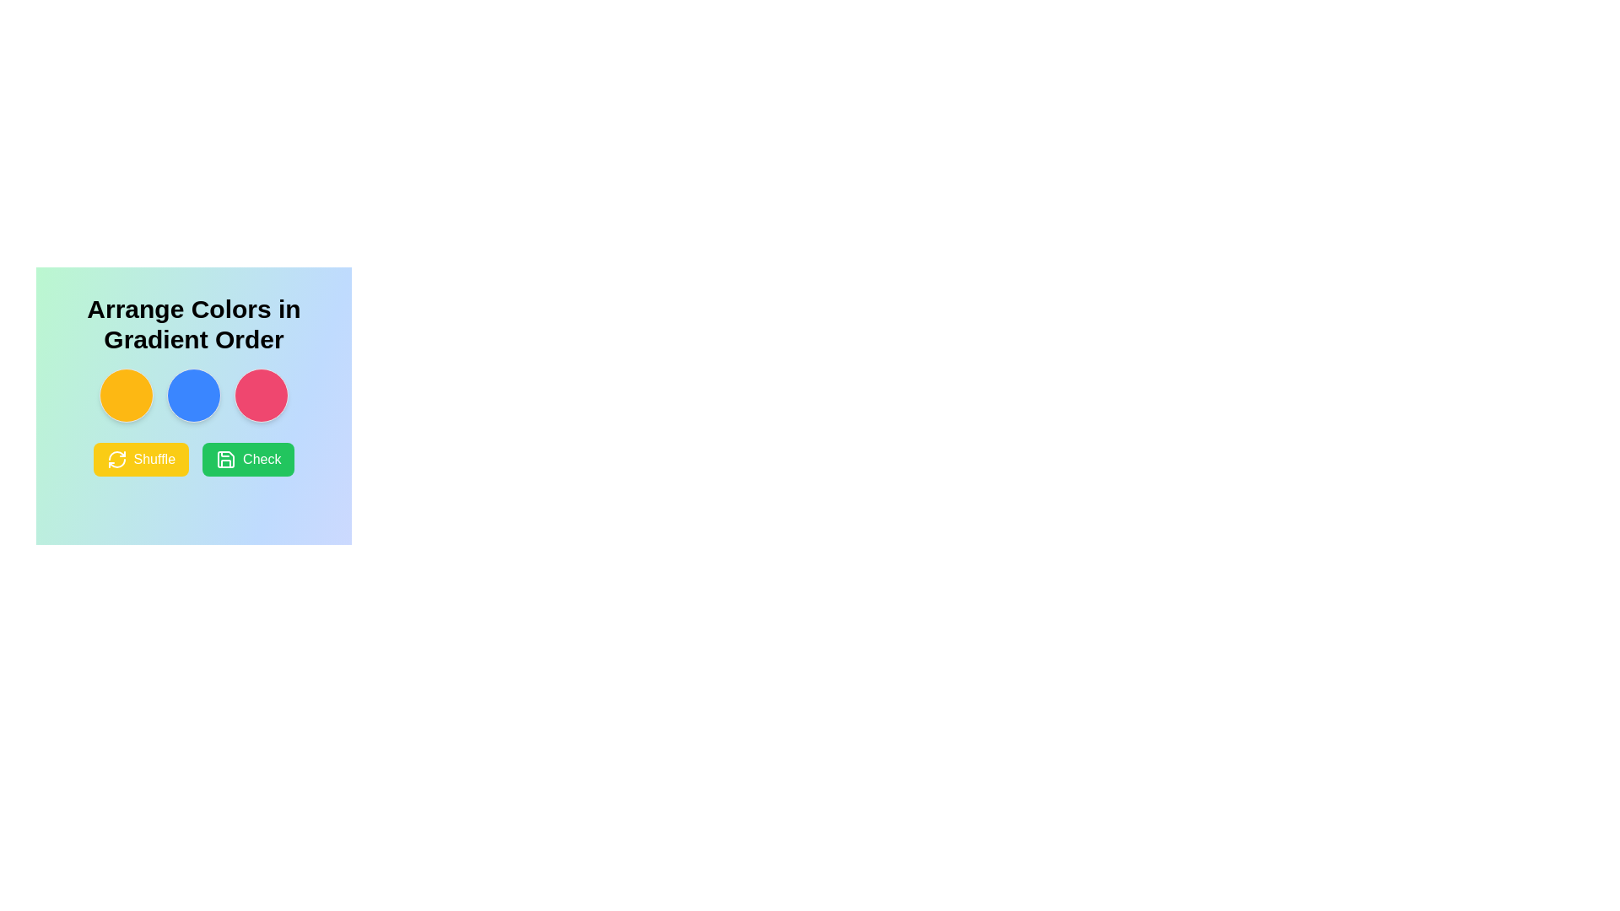  Describe the element at coordinates (116, 459) in the screenshot. I see `the circular icon with two curved arrows on a yellow background, part of the 'Shuffle' button, to initiate shuffling` at that location.